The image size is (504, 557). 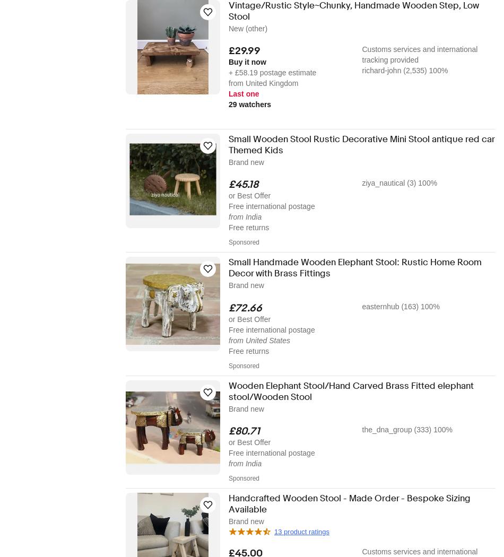 I want to click on 'Small Wooden Stool Rustic Decorative Mini Stool antique red car Themed Kids', so click(x=228, y=144).